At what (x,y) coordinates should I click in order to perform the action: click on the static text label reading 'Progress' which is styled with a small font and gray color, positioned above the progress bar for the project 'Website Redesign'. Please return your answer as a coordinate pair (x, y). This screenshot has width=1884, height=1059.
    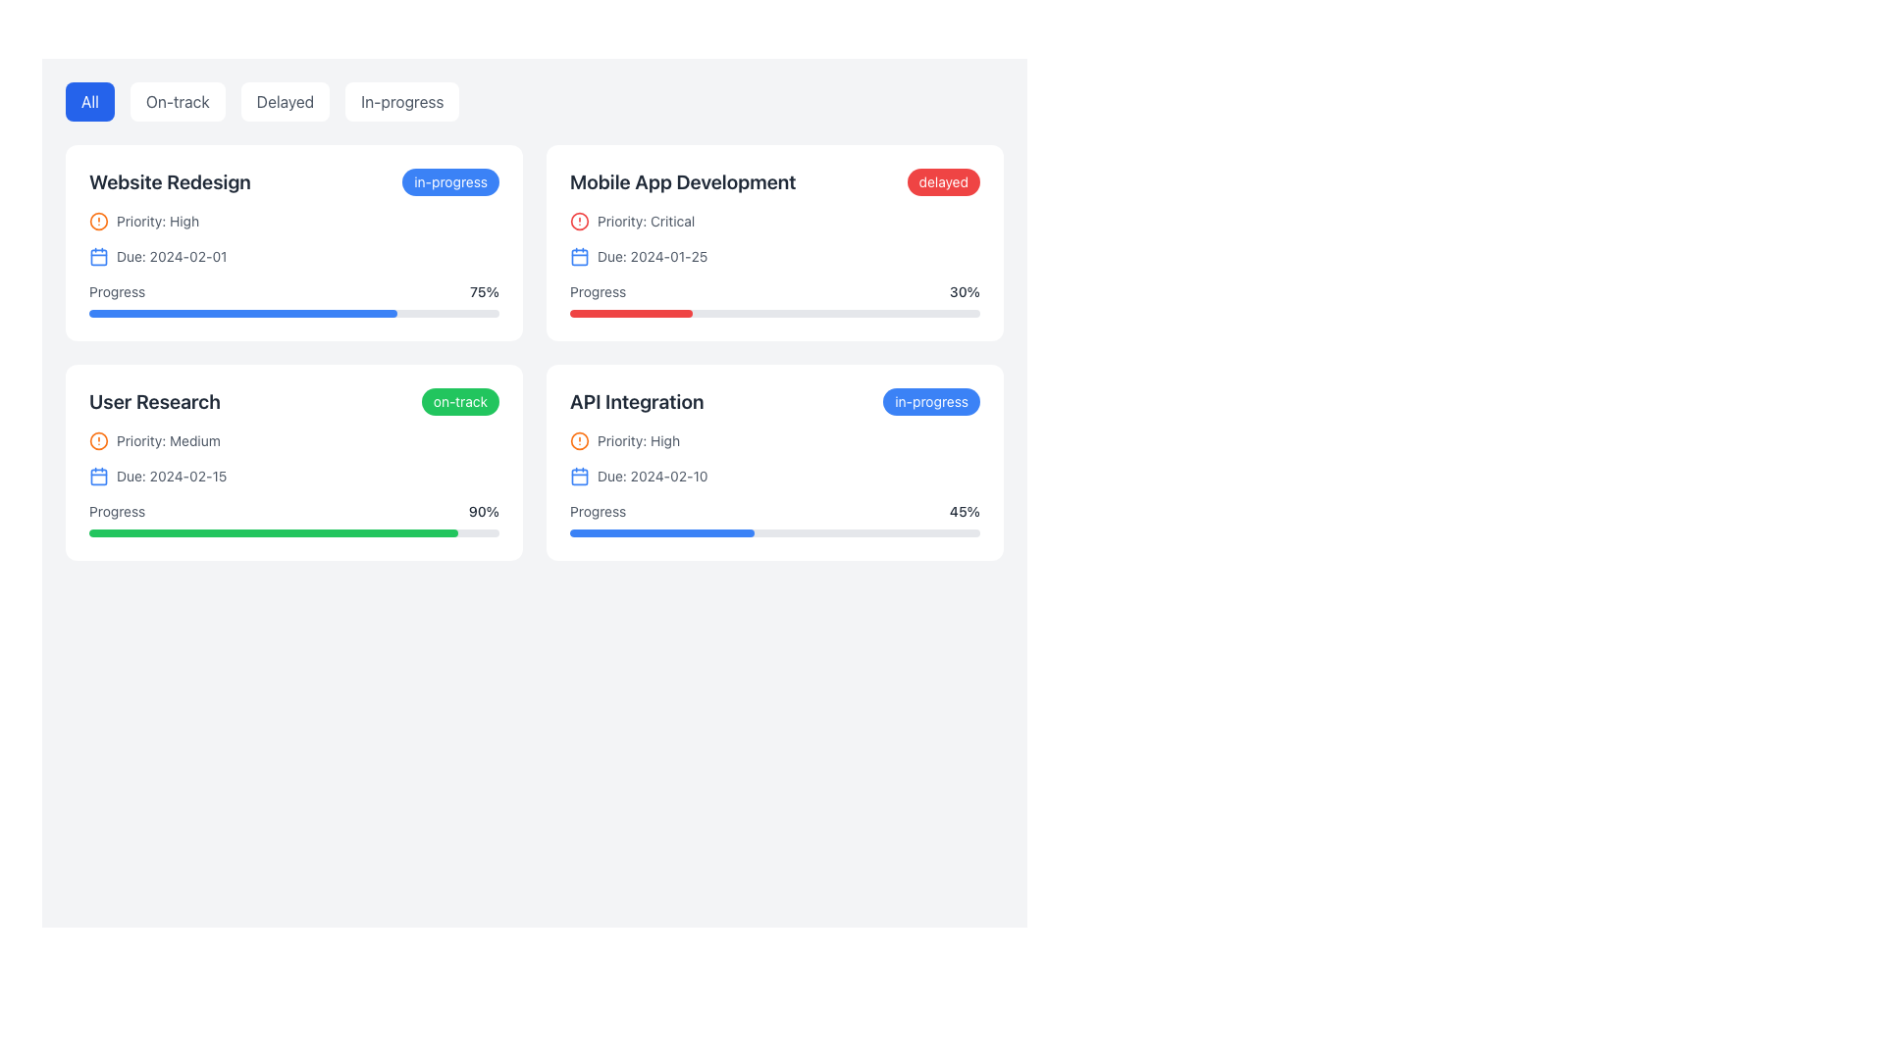
    Looking at the image, I should click on (116, 291).